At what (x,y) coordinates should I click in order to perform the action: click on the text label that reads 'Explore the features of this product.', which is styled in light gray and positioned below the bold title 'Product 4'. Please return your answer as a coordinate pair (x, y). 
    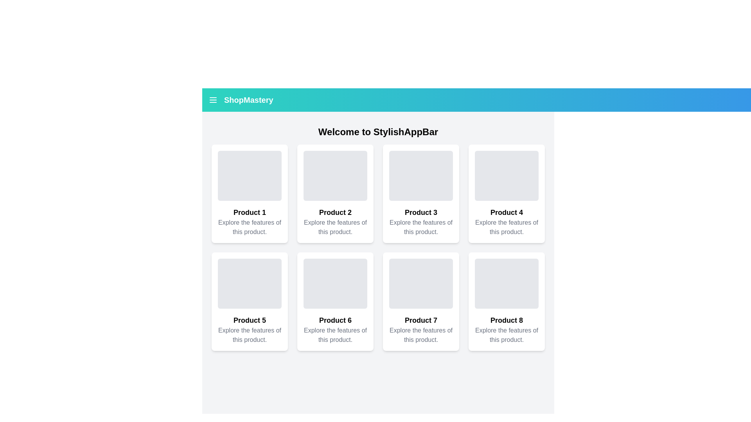
    Looking at the image, I should click on (507, 227).